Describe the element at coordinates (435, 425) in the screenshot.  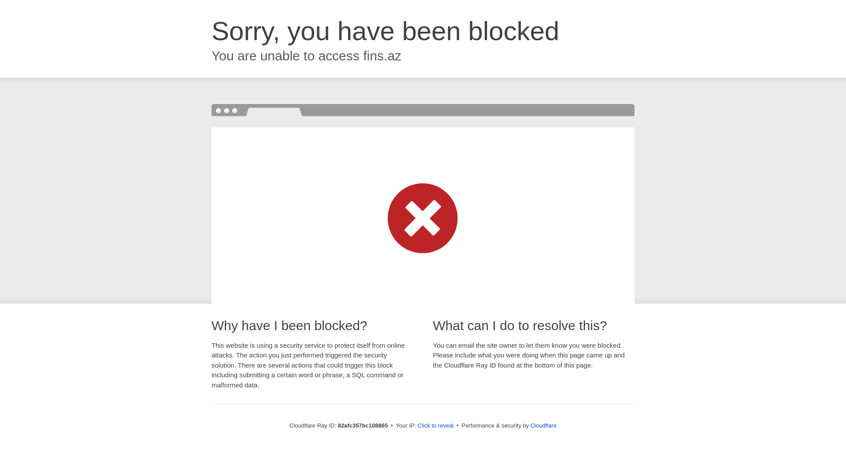
I see `'Click to reveal'` at that location.